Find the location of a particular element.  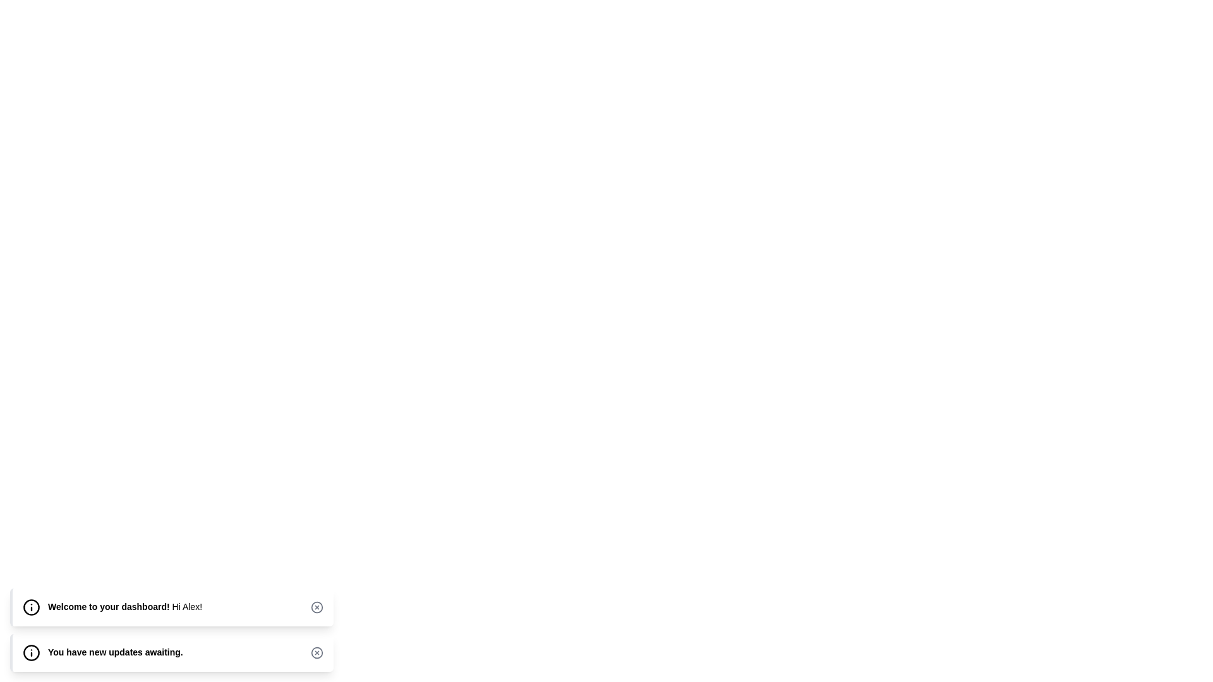

the decorative circular border of the 'info' icon located near the upper-left of the smaller notification widget at the bottom left of the interface is located at coordinates (31, 652).